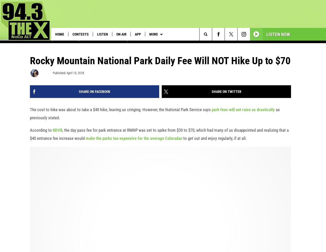  What do you see at coordinates (214, 144) in the screenshot?
I see `'to get out and enjoy regularly, if at all.'` at bounding box center [214, 144].